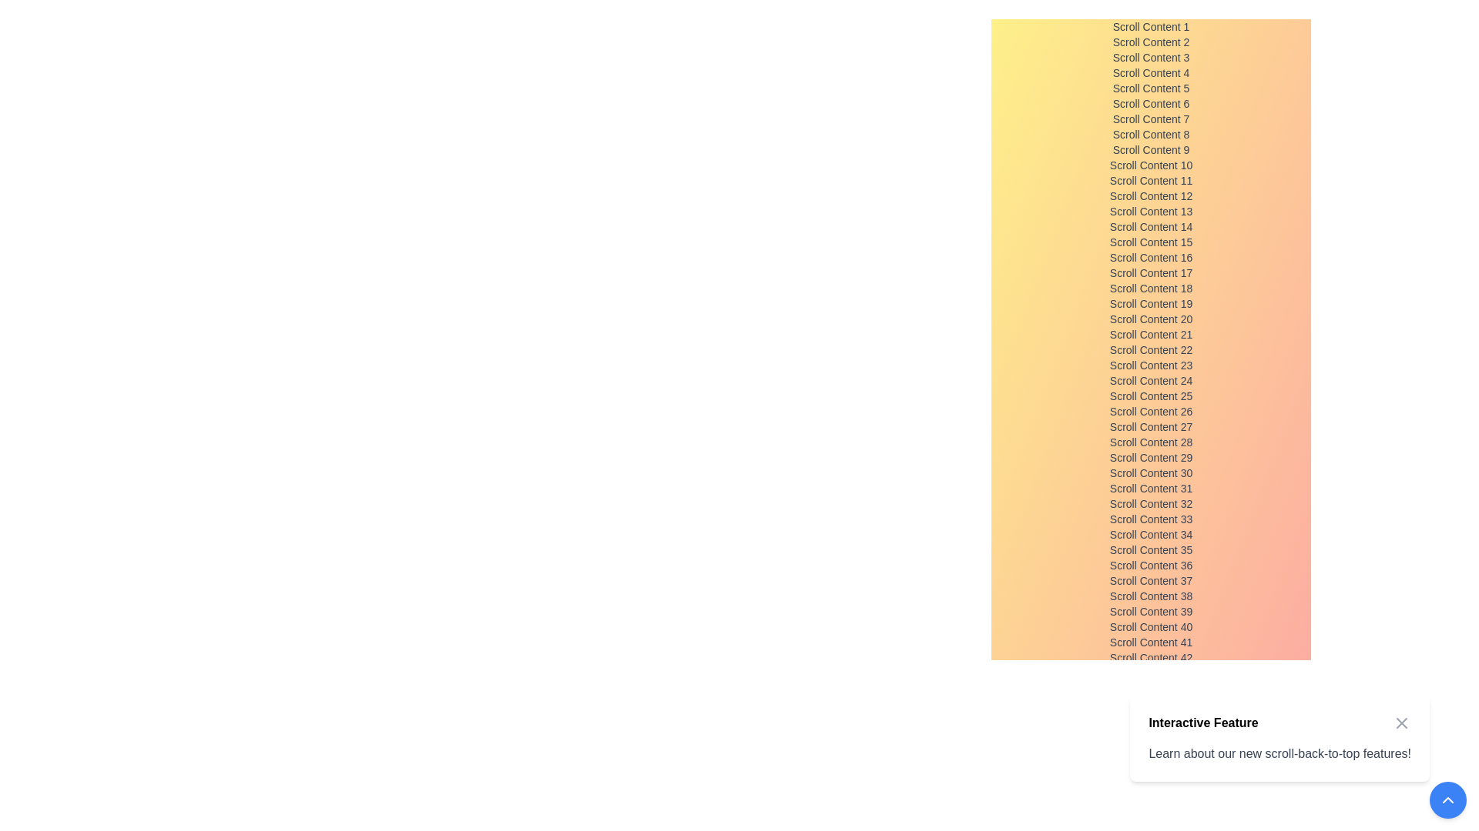 The width and height of the screenshot is (1479, 831). I want to click on the Text Label displaying 'Scroll Content 10' which is a small gray font positioned centrally in a vertical list of text labels, so click(1151, 165).